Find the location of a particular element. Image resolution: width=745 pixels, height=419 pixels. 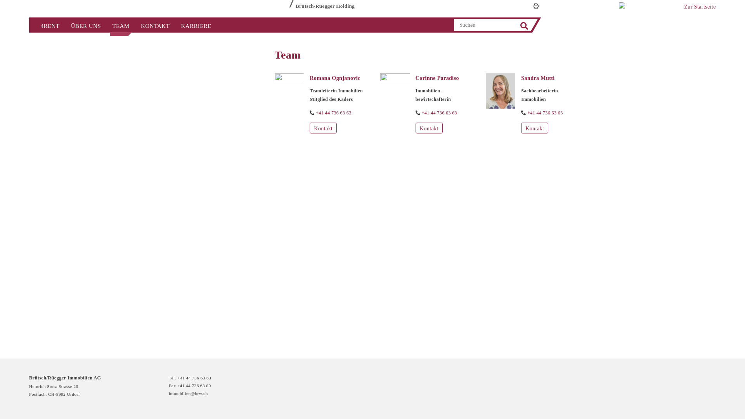

'immobilien@brw.ch' is located at coordinates (168, 393).